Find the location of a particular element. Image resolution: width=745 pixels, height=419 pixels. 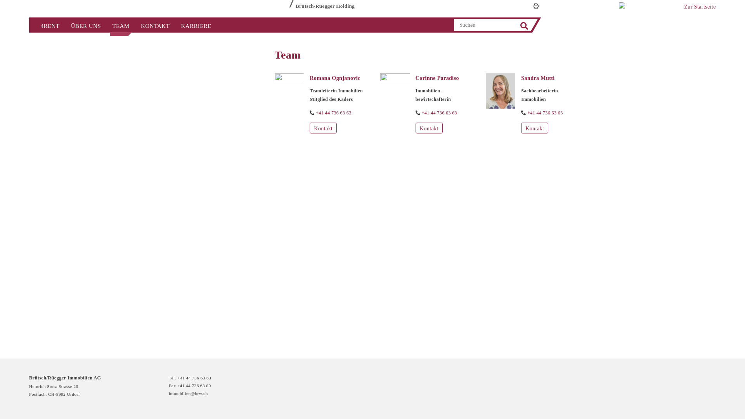

'immobilien@brw.ch' is located at coordinates (168, 393).